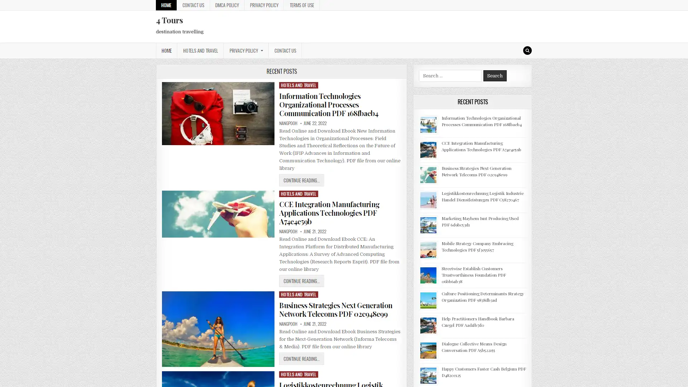  Describe the element at coordinates (494, 76) in the screenshot. I see `Search` at that location.